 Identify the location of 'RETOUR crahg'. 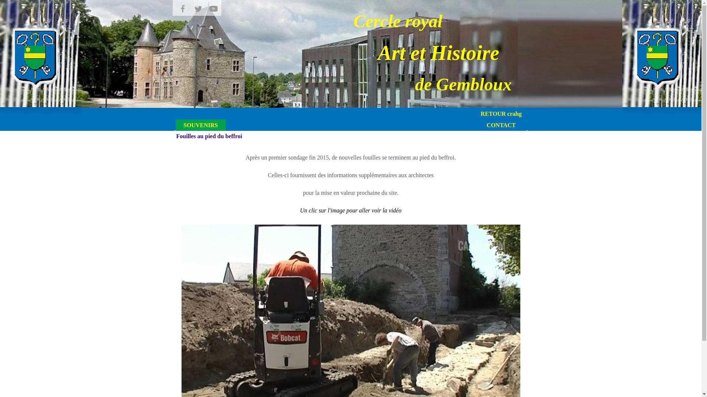
(501, 114).